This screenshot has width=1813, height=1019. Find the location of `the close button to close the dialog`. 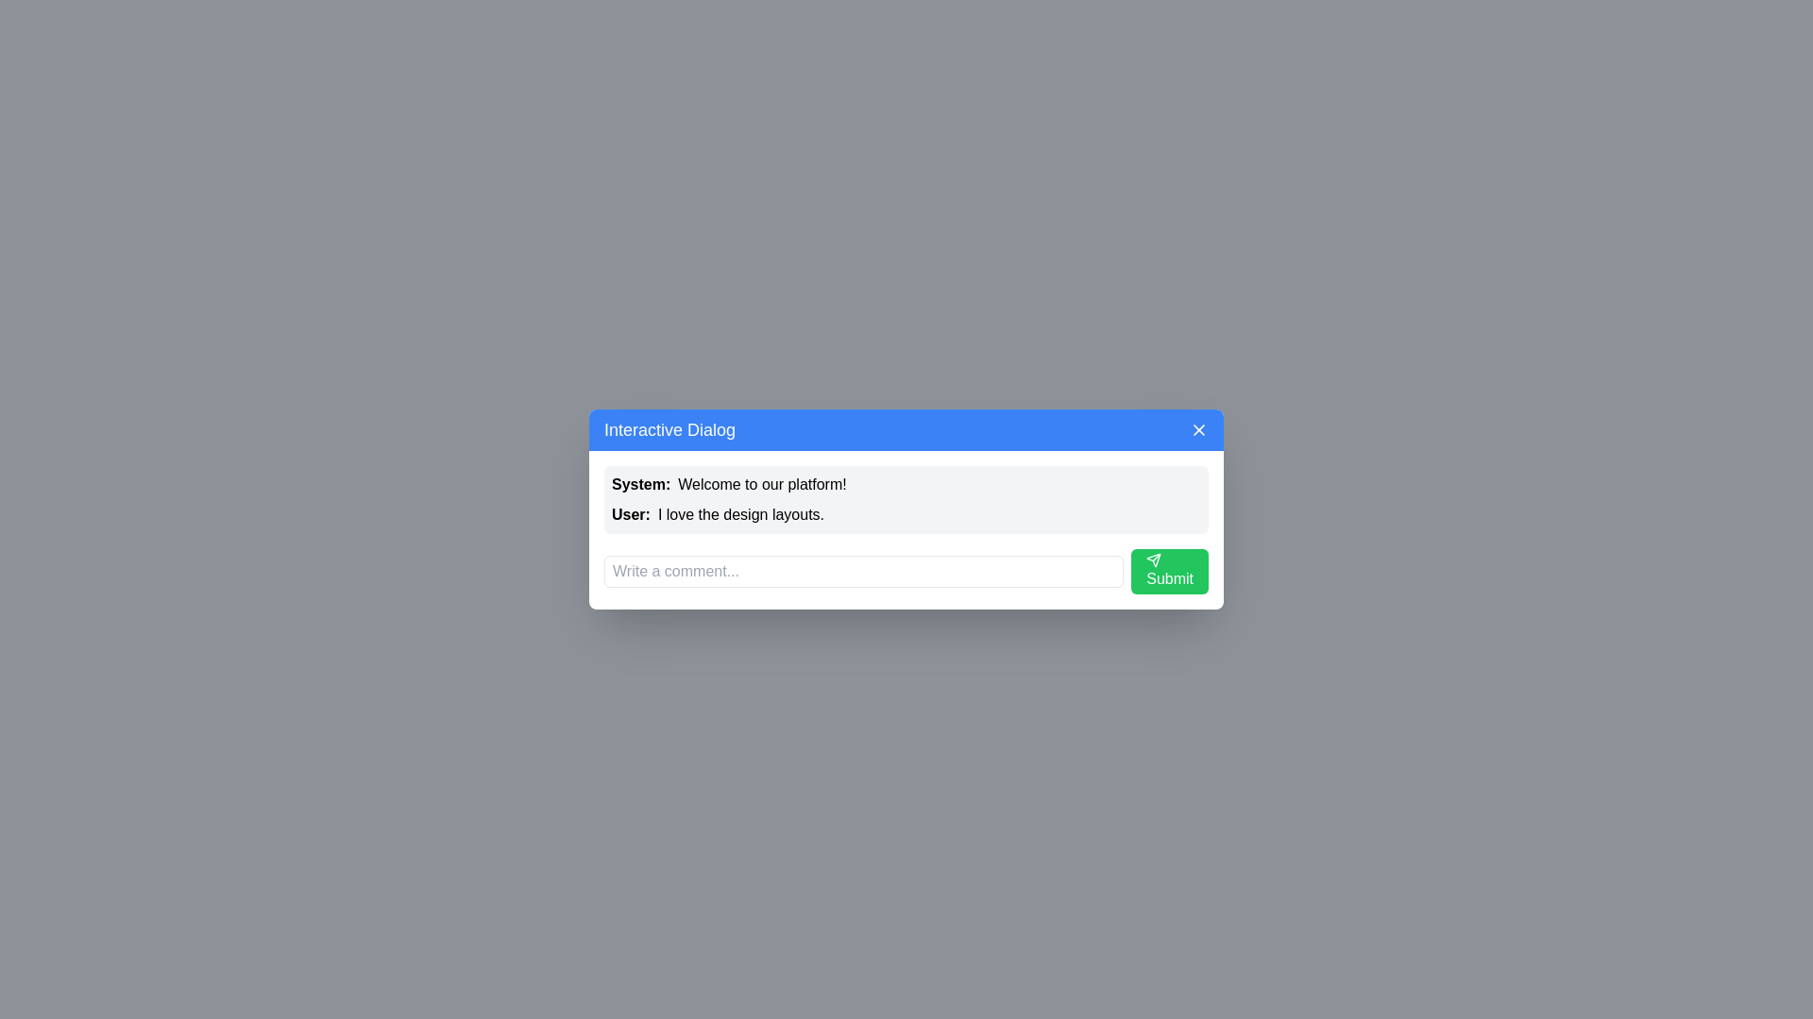

the close button to close the dialog is located at coordinates (1198, 429).